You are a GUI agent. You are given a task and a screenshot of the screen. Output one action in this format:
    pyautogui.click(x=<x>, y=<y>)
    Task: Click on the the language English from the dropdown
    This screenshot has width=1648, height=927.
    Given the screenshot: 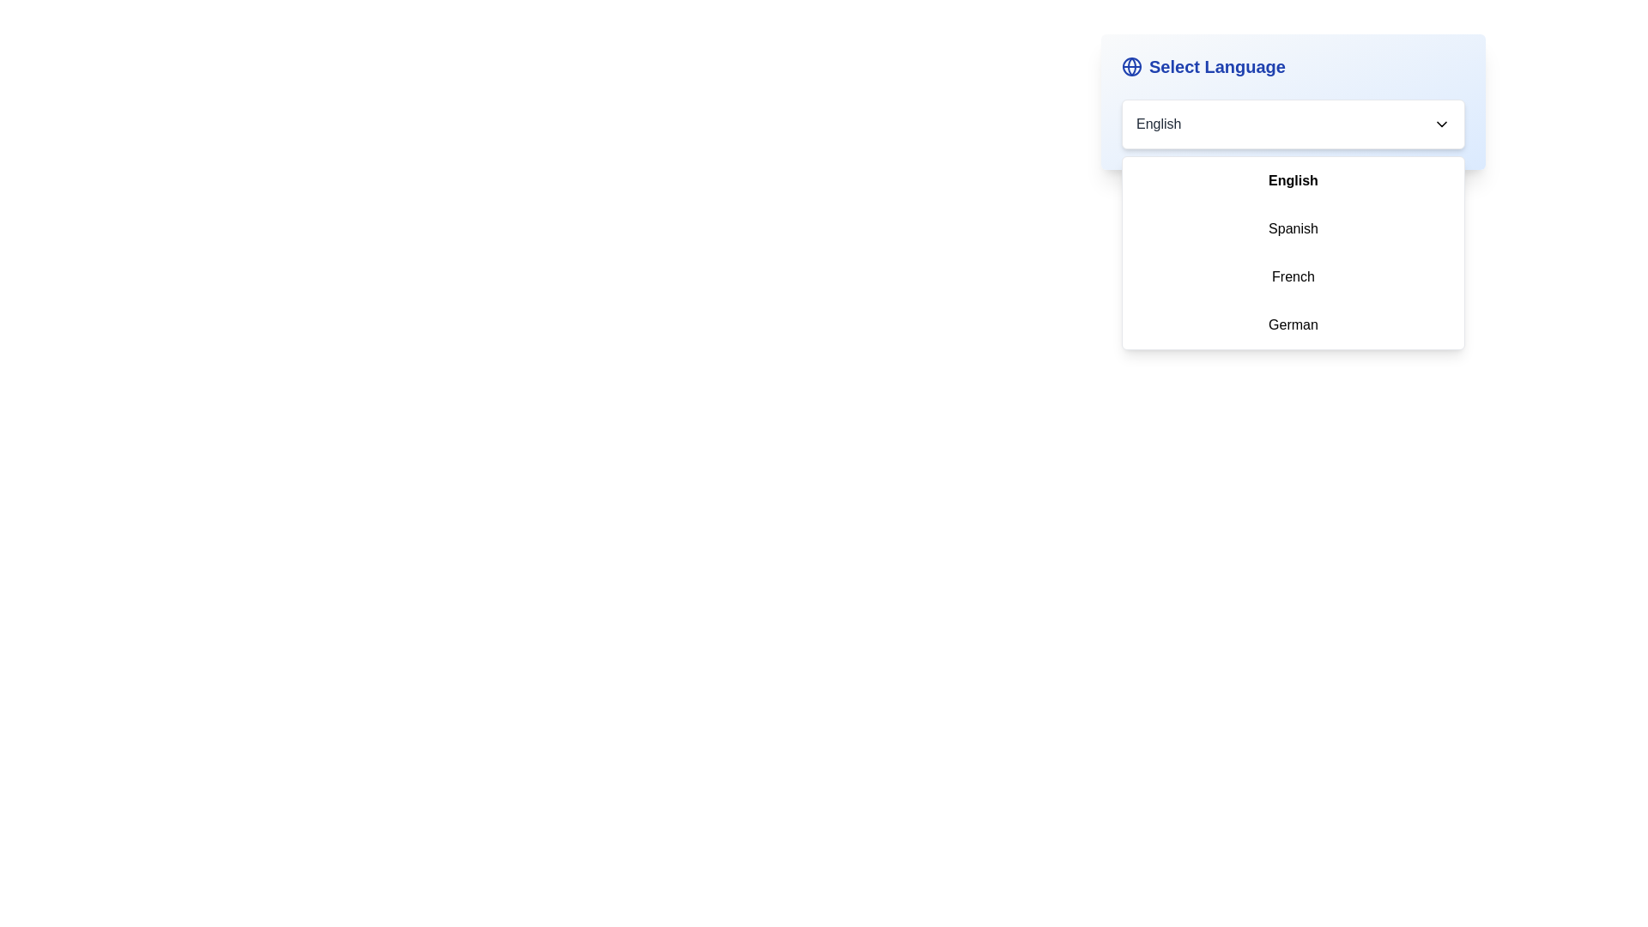 What is the action you would take?
    pyautogui.click(x=1294, y=181)
    